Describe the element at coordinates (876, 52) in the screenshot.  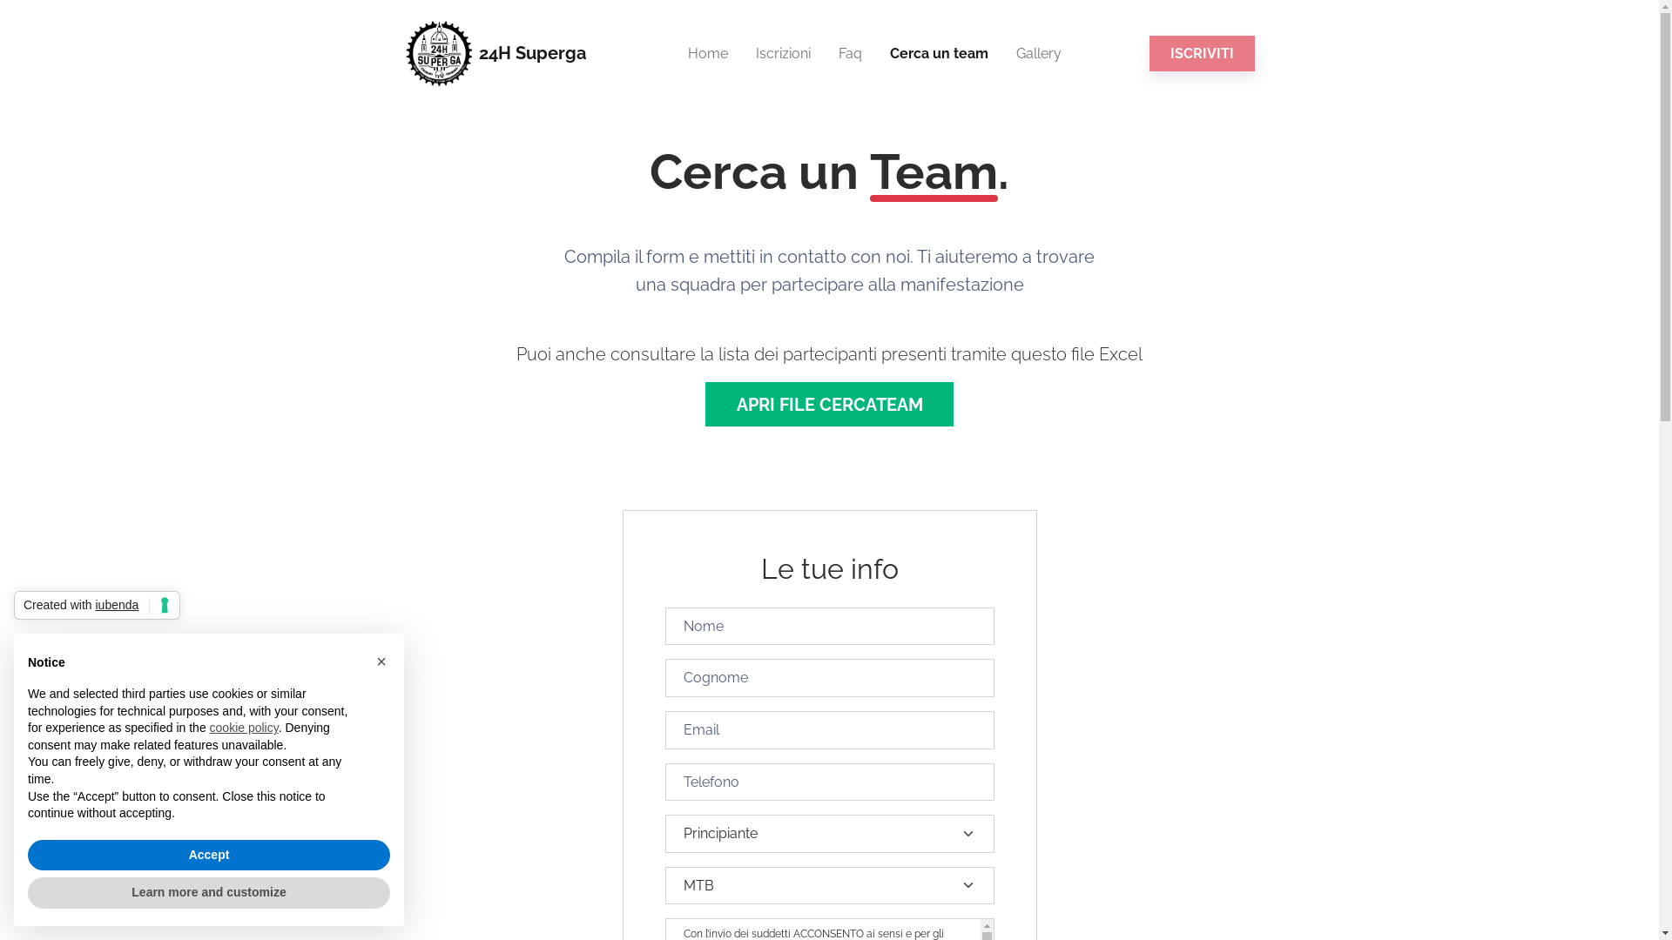
I see `'Cerca un team'` at that location.